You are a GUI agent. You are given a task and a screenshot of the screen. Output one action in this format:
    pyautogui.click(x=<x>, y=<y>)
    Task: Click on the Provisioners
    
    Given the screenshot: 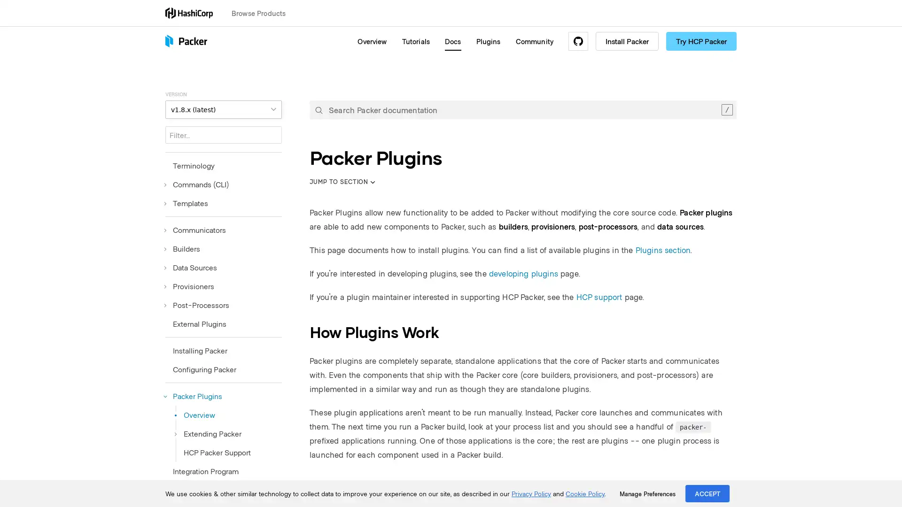 What is the action you would take?
    pyautogui.click(x=189, y=285)
    